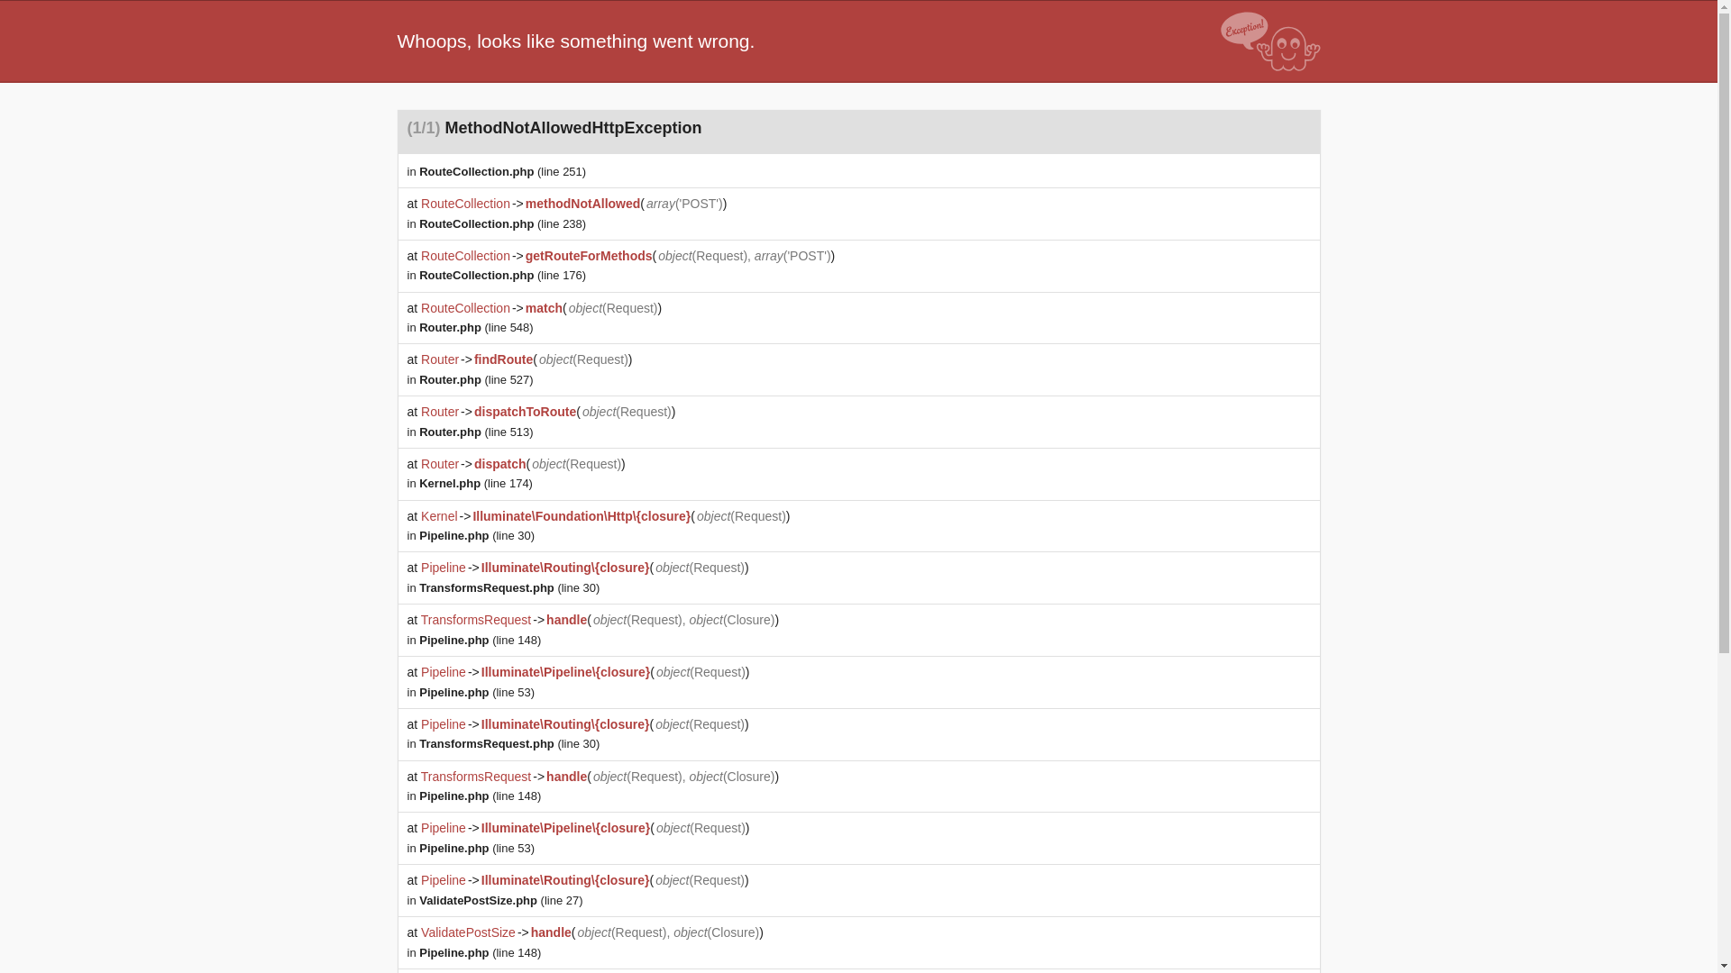  I want to click on 'Pipeline.php (line 30)', so click(476, 534).